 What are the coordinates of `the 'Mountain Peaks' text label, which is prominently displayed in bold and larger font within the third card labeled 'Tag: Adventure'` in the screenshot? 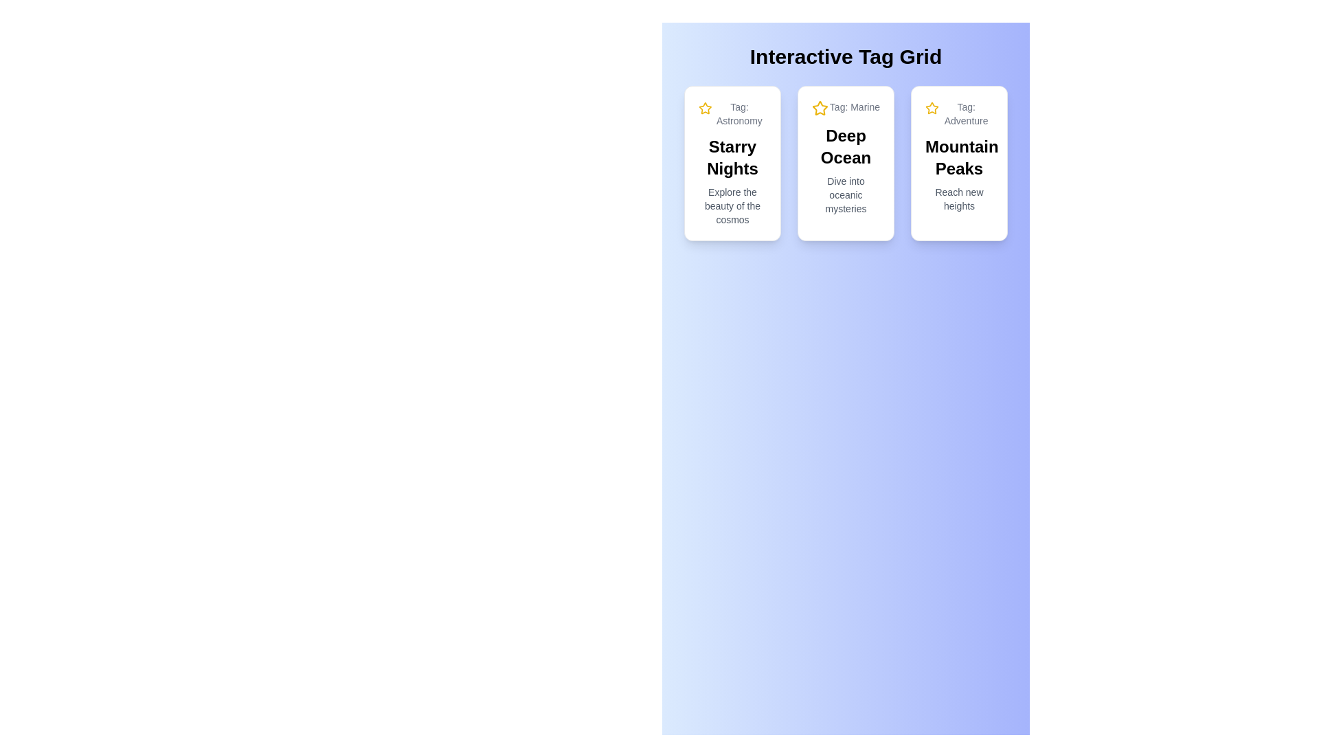 It's located at (958, 157).